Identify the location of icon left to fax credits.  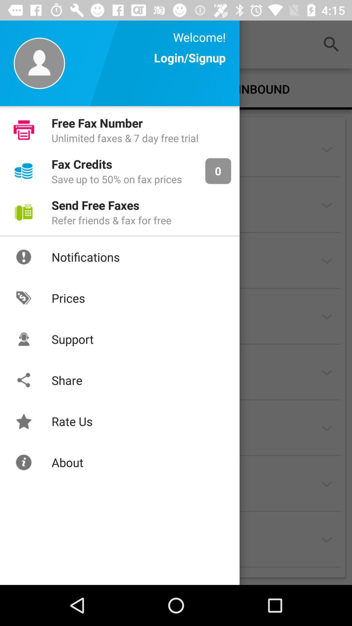
(23, 171).